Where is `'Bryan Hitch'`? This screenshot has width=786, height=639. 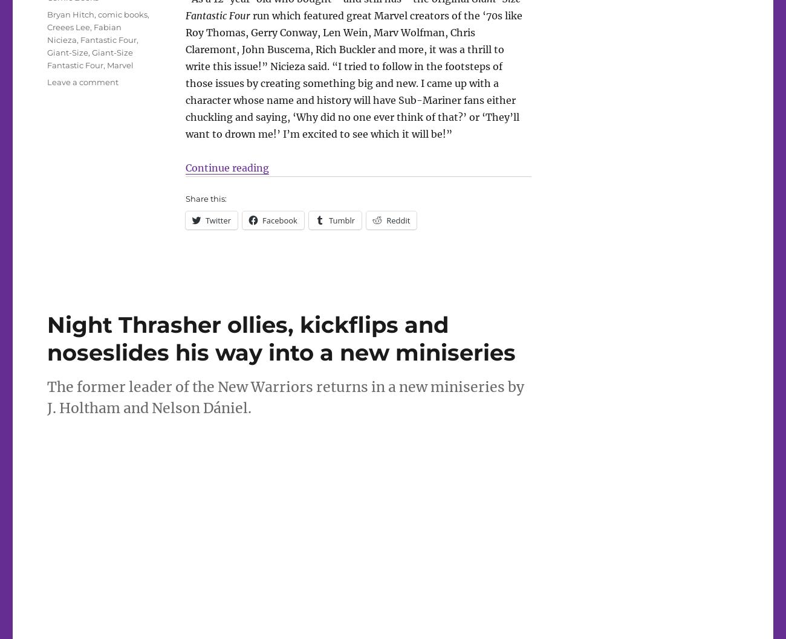
'Bryan Hitch' is located at coordinates (70, 13).